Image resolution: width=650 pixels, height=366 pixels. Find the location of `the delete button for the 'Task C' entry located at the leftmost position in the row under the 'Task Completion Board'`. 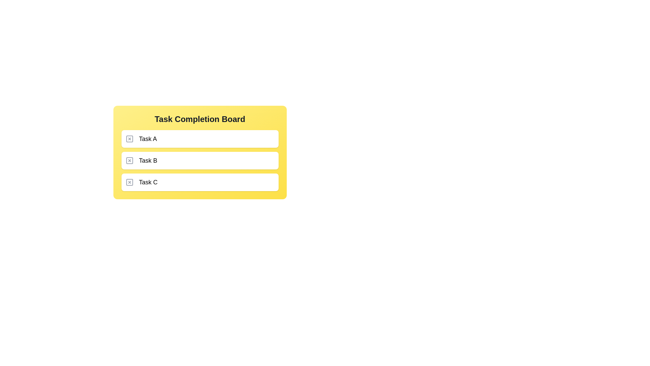

the delete button for the 'Task C' entry located at the leftmost position in the row under the 'Task Completion Board' is located at coordinates (129, 182).